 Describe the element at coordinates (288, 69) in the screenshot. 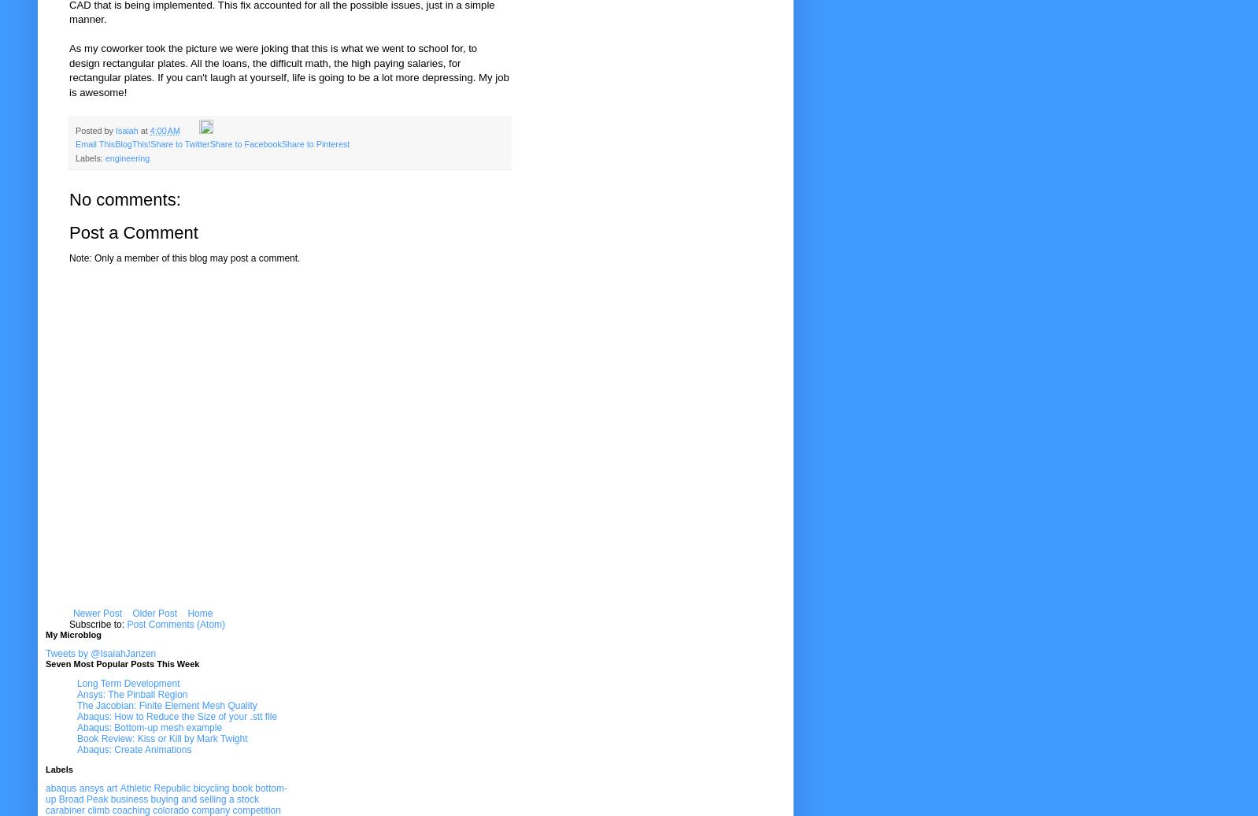

I see `'As my coworker took the picture we were joking that this is what we went to school for, to design rectangular plates. All the loans, the difficult math, the high paying salaries, for rectangular plates. If you can't laugh at yourself, life is going to be a lot more depressing. My job is awesome!'` at that location.